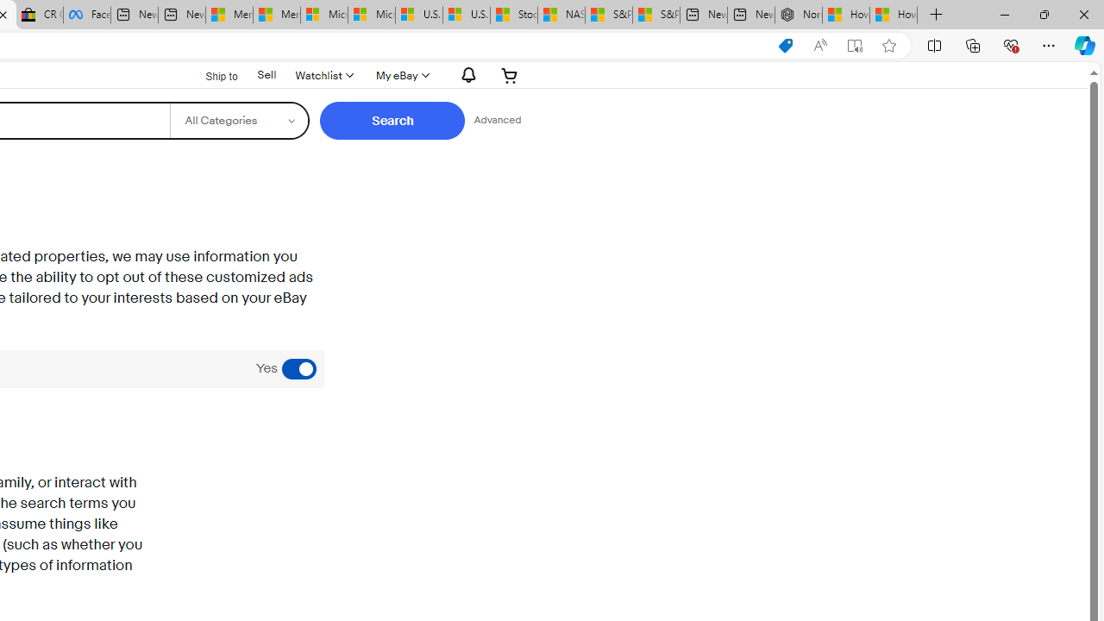 The height and width of the screenshot is (621, 1104). I want to click on 'Advanced Search', so click(496, 120).